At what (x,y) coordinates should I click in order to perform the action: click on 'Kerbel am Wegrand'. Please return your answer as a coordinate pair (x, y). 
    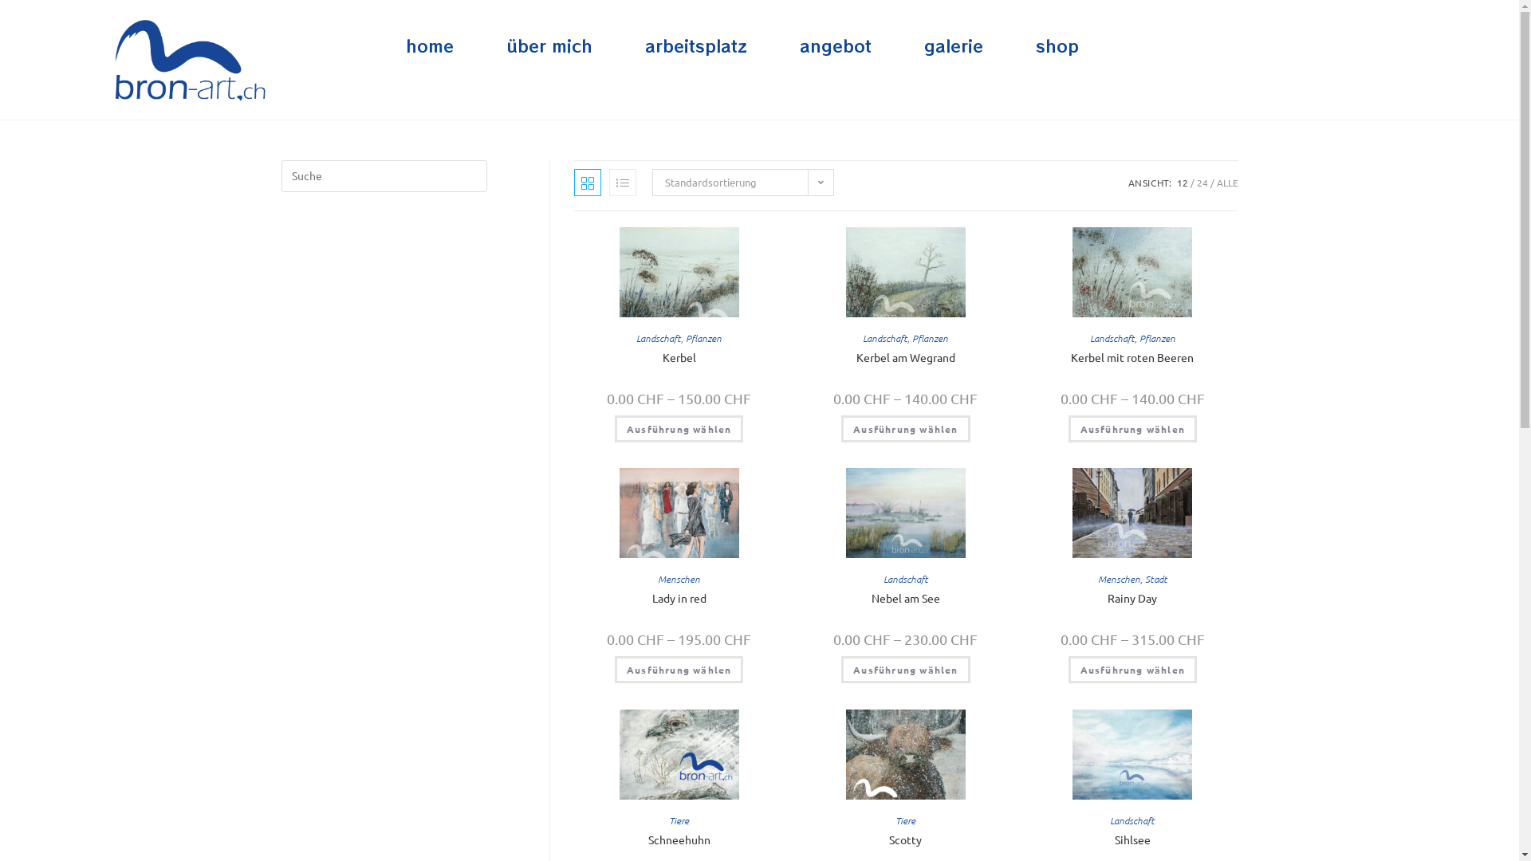
    Looking at the image, I should click on (856, 356).